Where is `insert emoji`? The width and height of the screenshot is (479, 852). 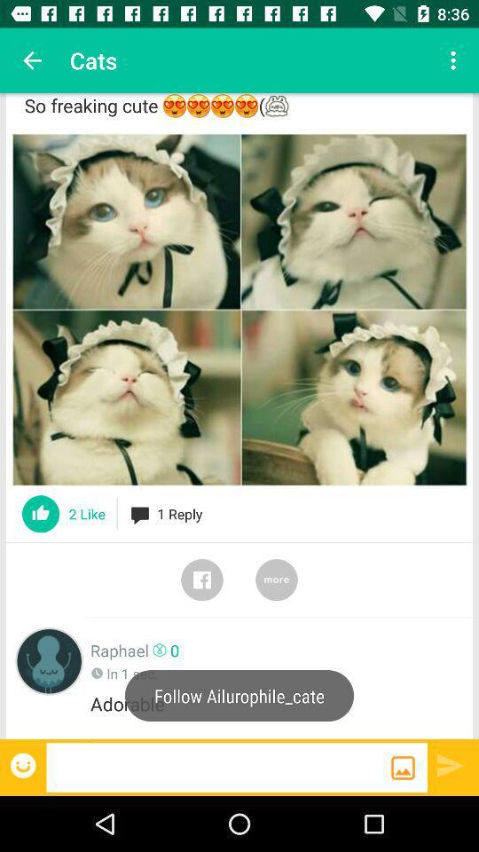 insert emoji is located at coordinates (24, 764).